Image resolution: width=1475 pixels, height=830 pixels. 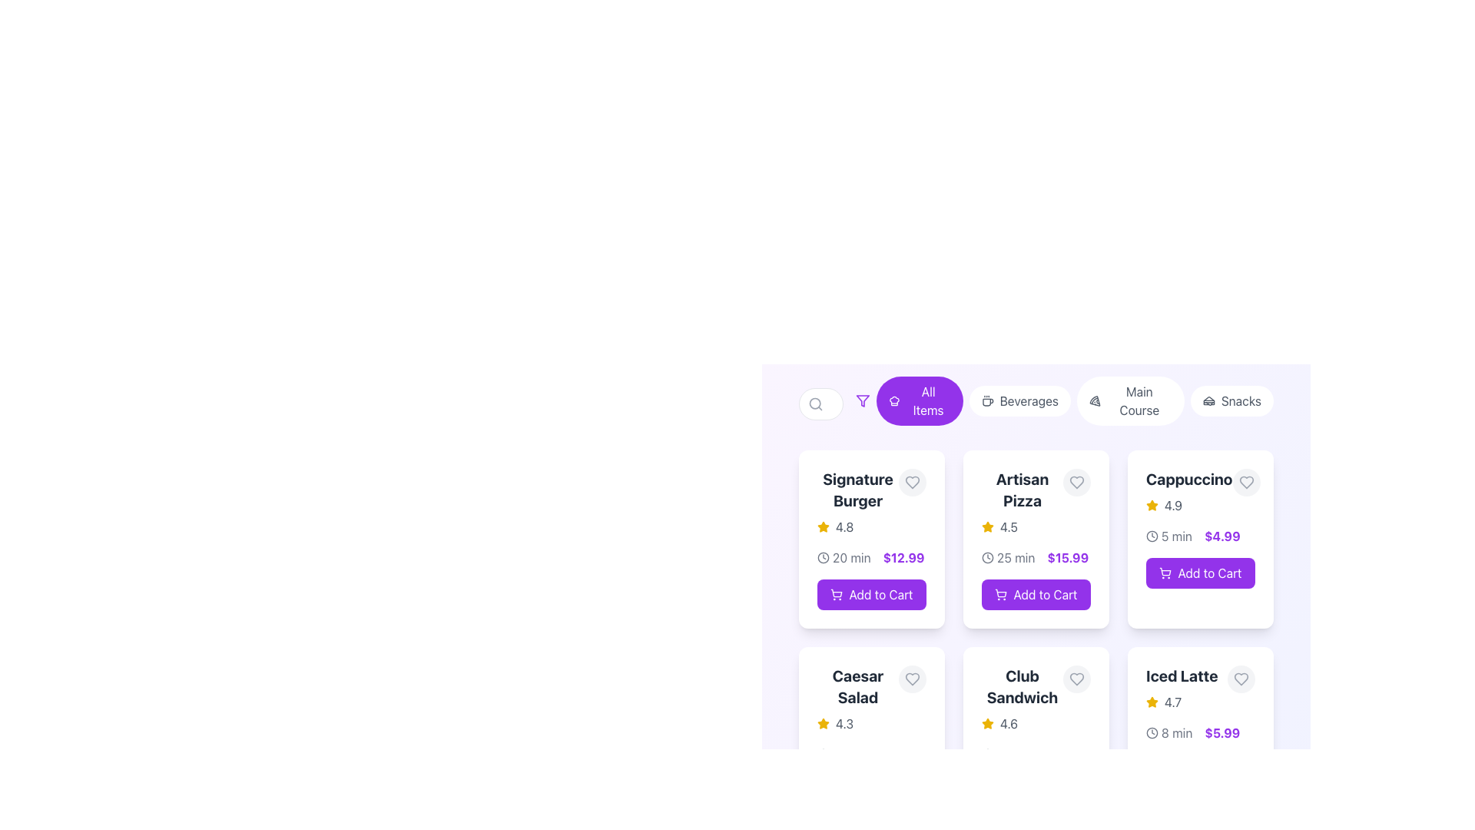 What do you see at coordinates (913, 482) in the screenshot?
I see `the heart-shaped icon in the top-right corner of the 'Signature Burger' card to observe any visual feedback` at bounding box center [913, 482].